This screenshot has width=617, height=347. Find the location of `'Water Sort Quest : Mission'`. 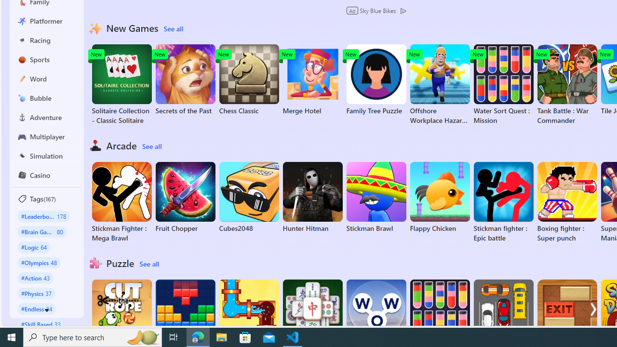

'Water Sort Quest : Mission' is located at coordinates (503, 84).